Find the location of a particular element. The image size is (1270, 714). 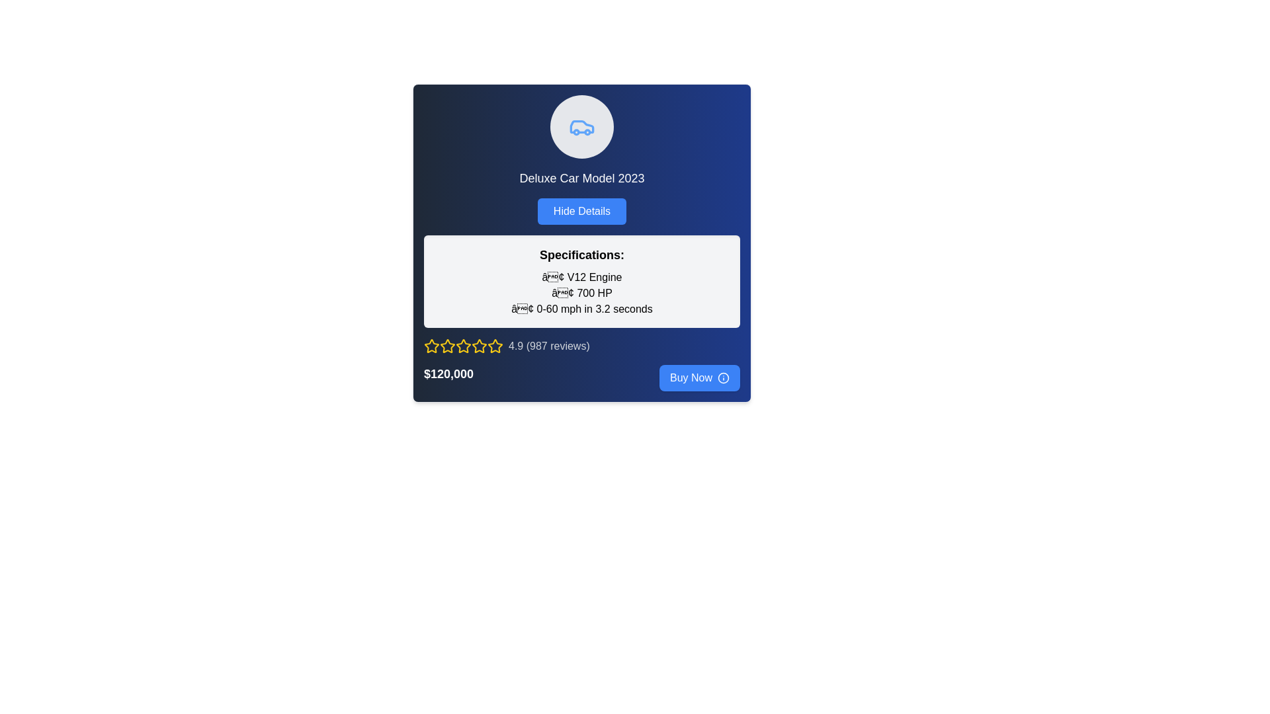

the first star-shaped icon with a yellow border that represents a potential rating component, located directly above the text '$120,000' is located at coordinates (447, 345).